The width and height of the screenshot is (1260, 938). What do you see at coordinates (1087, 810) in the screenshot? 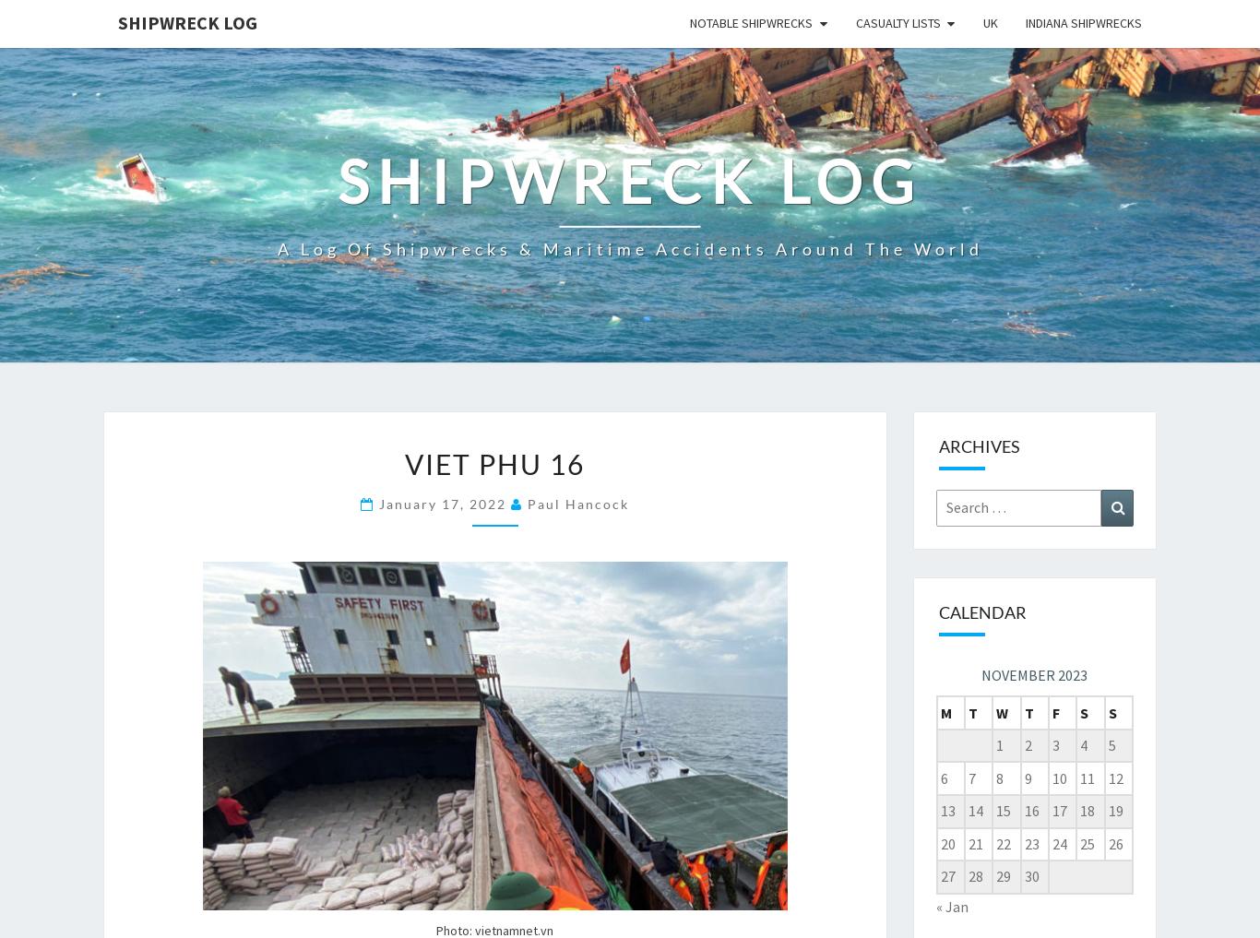
I see `'18'` at bounding box center [1087, 810].